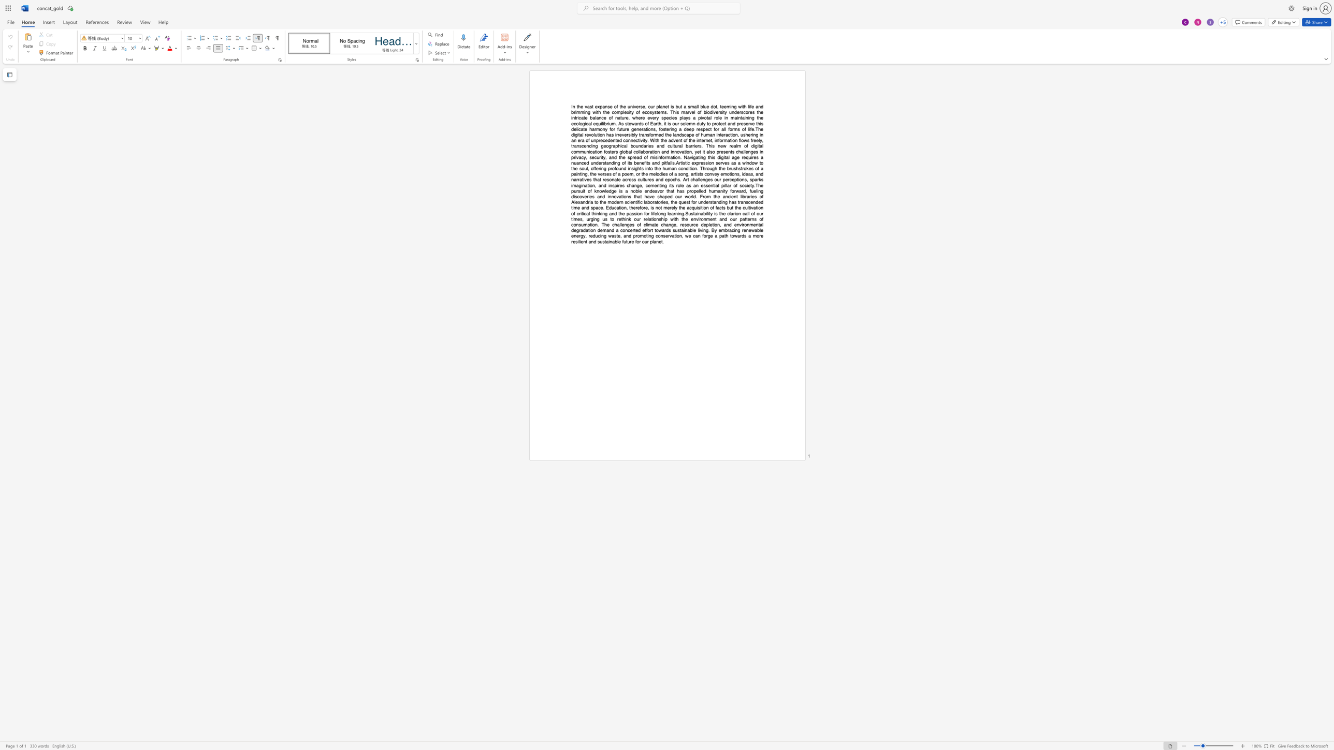 The image size is (1334, 750). Describe the element at coordinates (697, 213) in the screenshot. I see `the 2th character "i" in the text` at that location.